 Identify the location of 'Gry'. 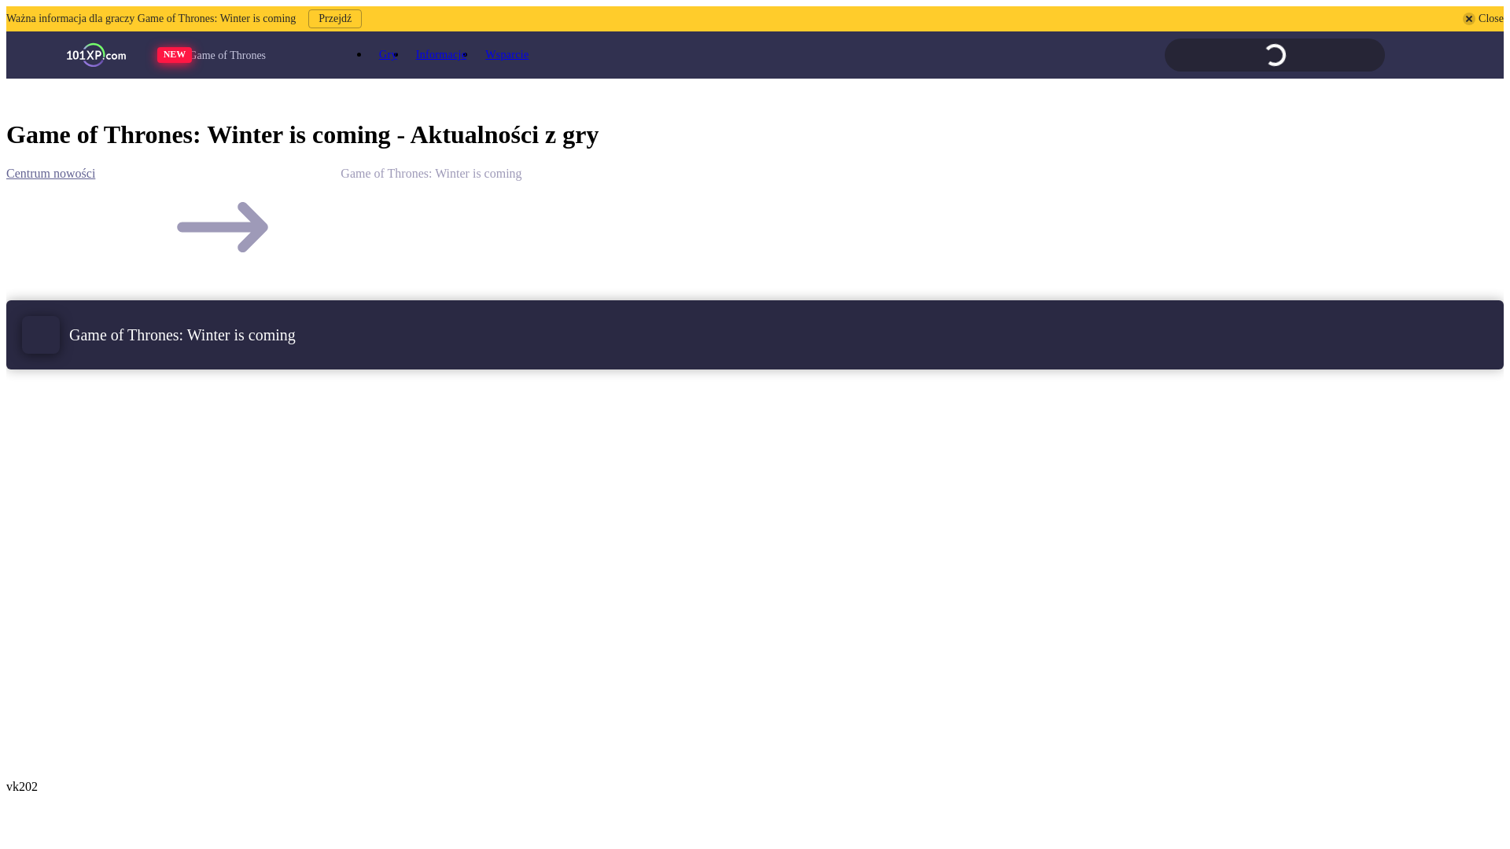
(388, 53).